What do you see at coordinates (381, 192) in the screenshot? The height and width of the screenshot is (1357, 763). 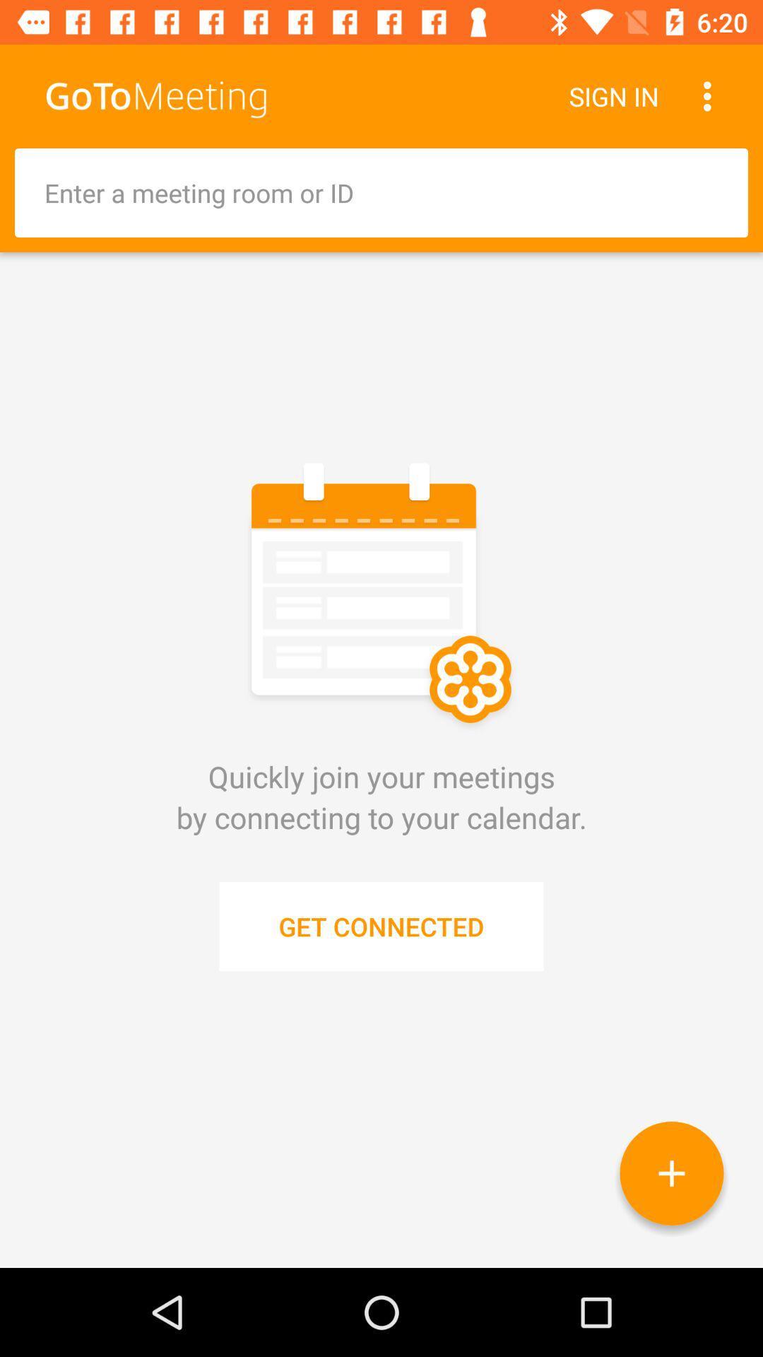 I see `type id` at bounding box center [381, 192].